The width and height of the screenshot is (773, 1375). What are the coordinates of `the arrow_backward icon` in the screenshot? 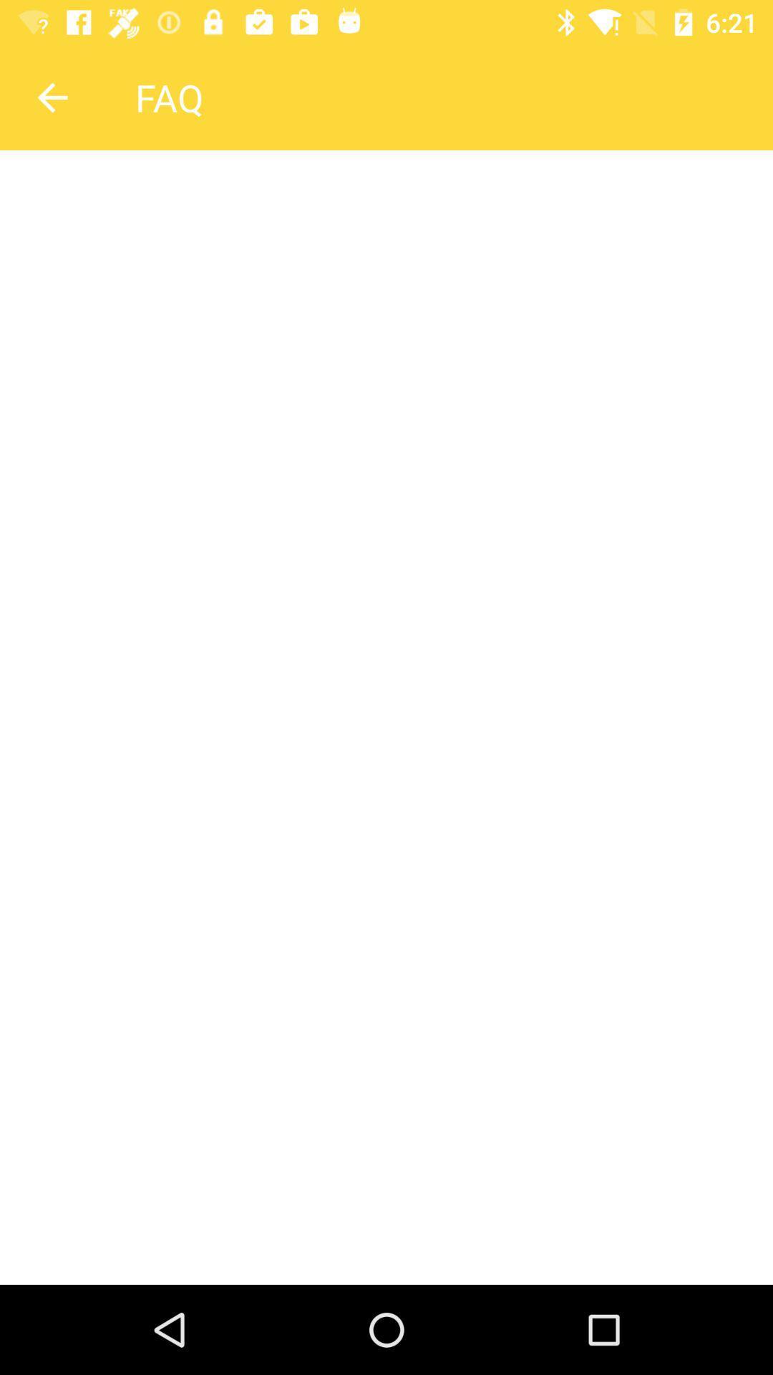 It's located at (52, 97).